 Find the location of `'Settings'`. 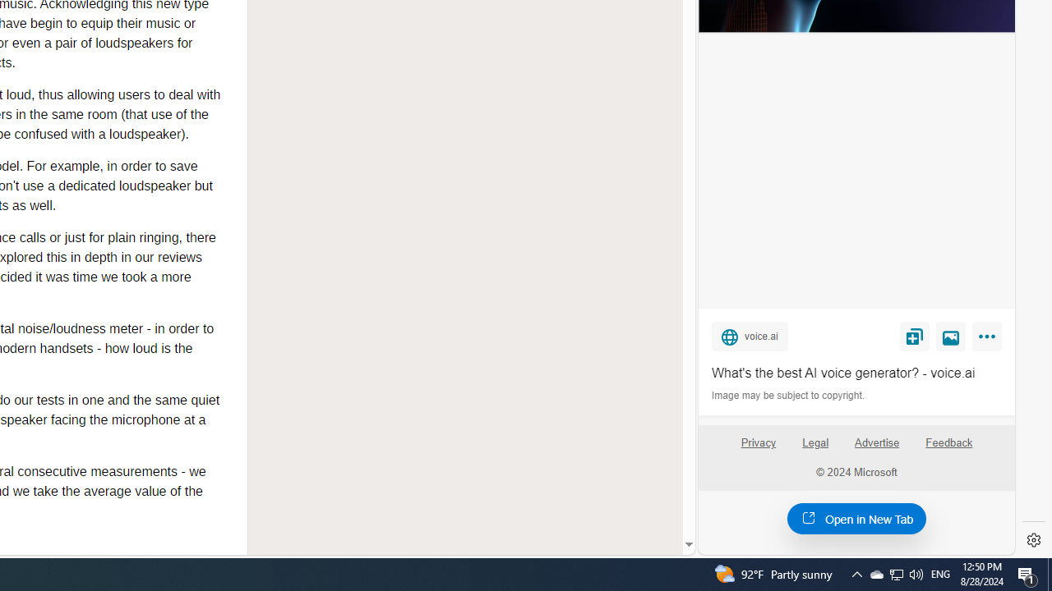

'Settings' is located at coordinates (1033, 540).